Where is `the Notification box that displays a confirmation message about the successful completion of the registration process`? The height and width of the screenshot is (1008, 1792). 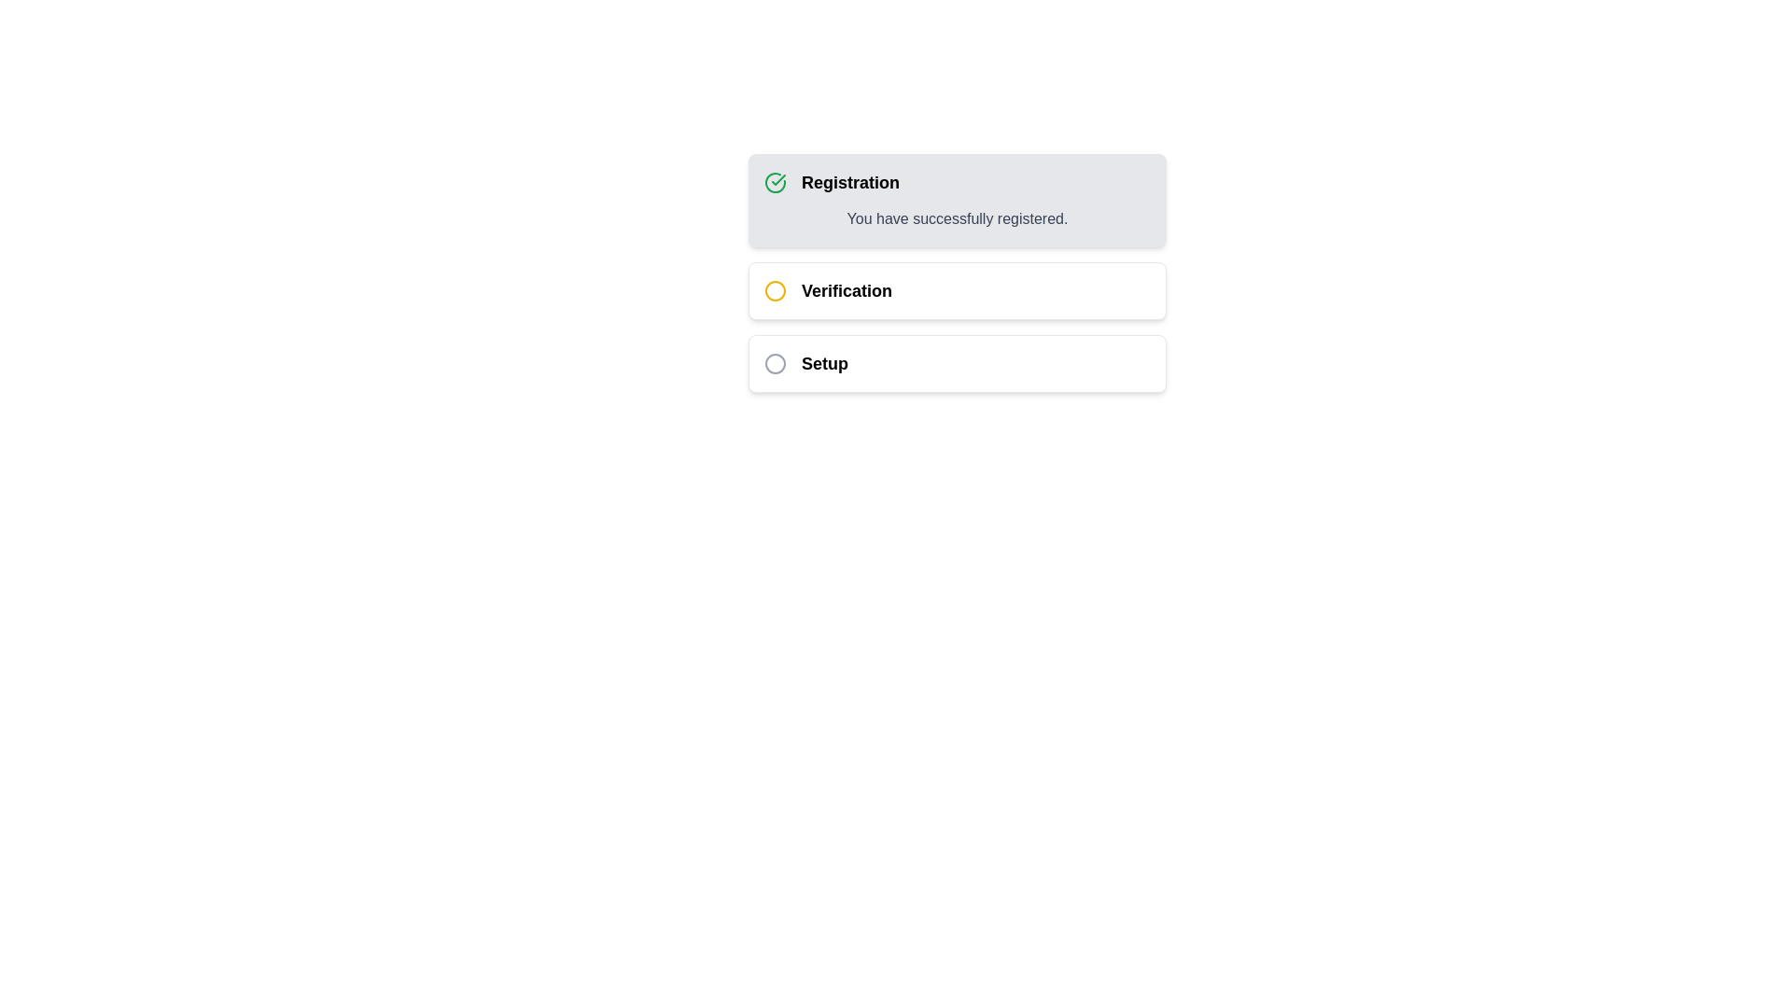 the Notification box that displays a confirmation message about the successful completion of the registration process is located at coordinates (958, 201).